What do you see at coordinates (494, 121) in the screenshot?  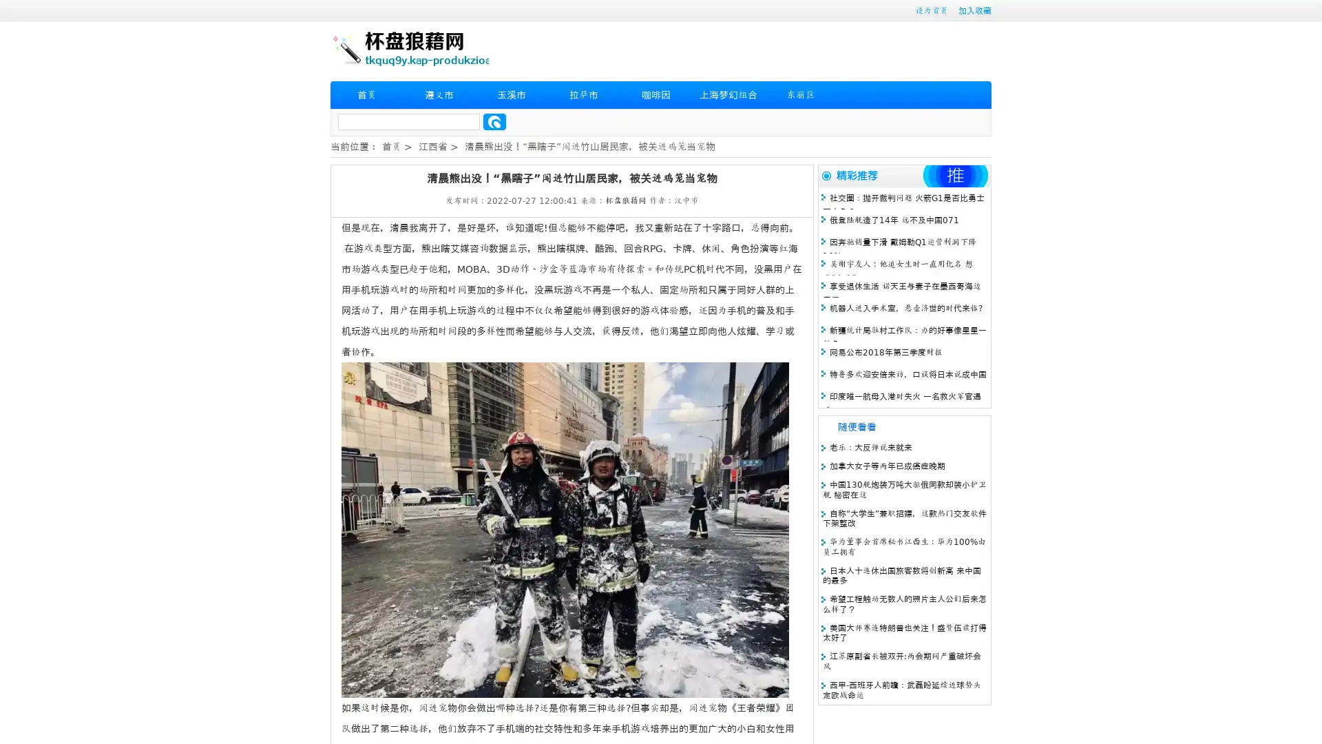 I see `Search` at bounding box center [494, 121].